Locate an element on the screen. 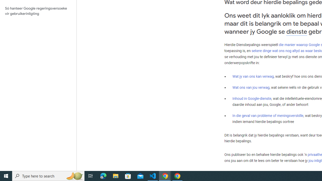 Image resolution: width=322 pixels, height=181 pixels. 'Start' is located at coordinates (6, 175).